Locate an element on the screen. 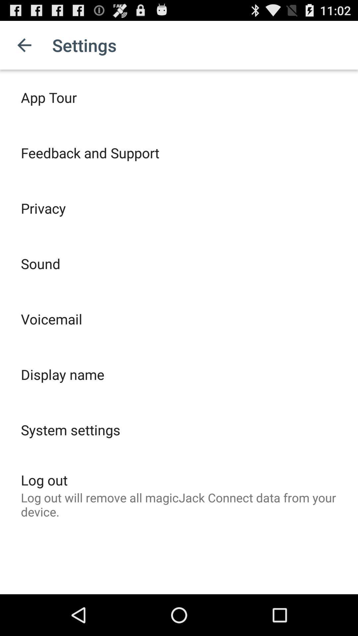  the privacy item is located at coordinates (43, 208).